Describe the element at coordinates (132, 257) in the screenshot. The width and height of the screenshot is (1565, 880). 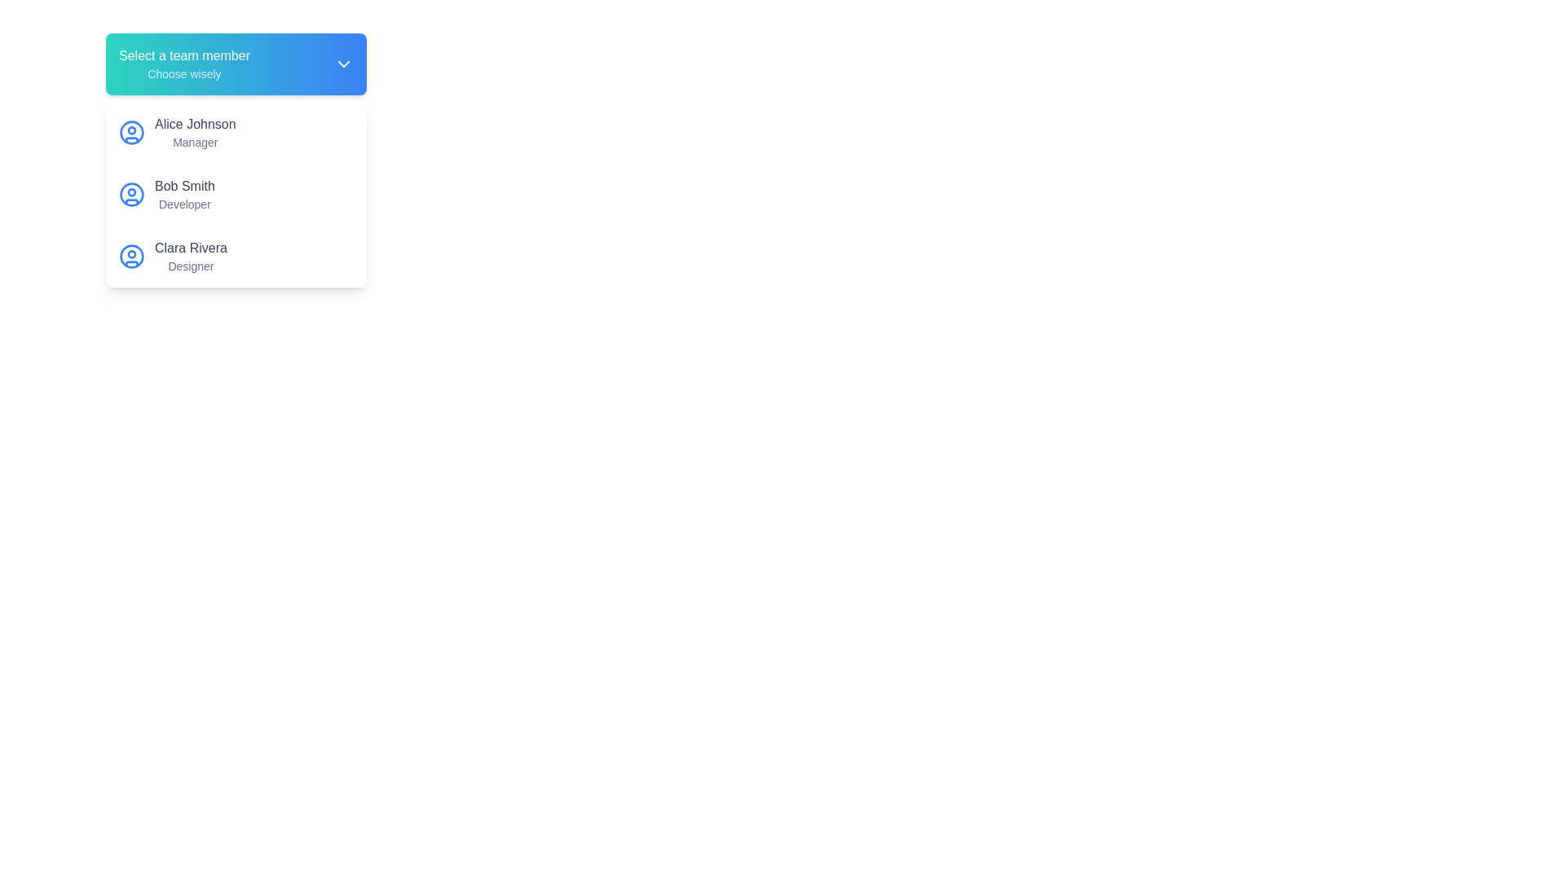
I see `the user avatar icon representing Clara Rivera, which is the leftmost icon in the third row below 'Select a team member.'` at that location.